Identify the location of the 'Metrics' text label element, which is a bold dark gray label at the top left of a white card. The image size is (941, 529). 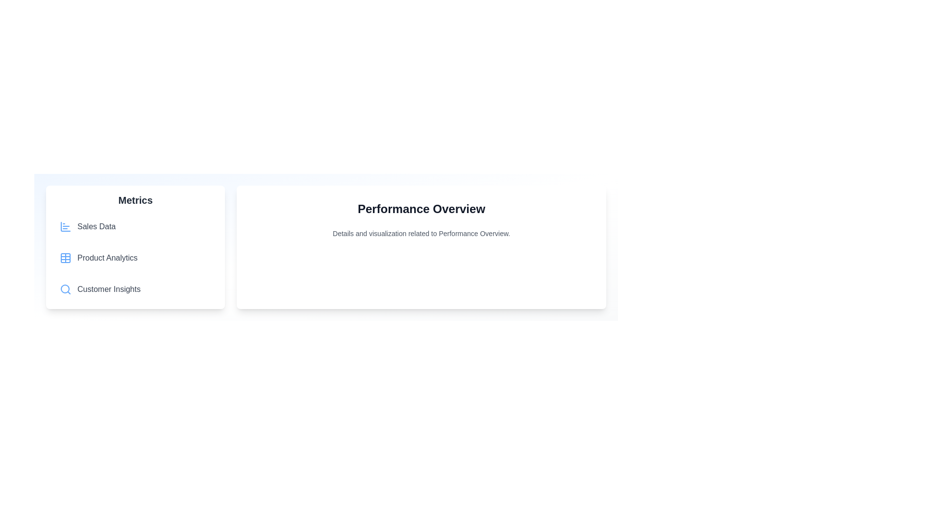
(135, 199).